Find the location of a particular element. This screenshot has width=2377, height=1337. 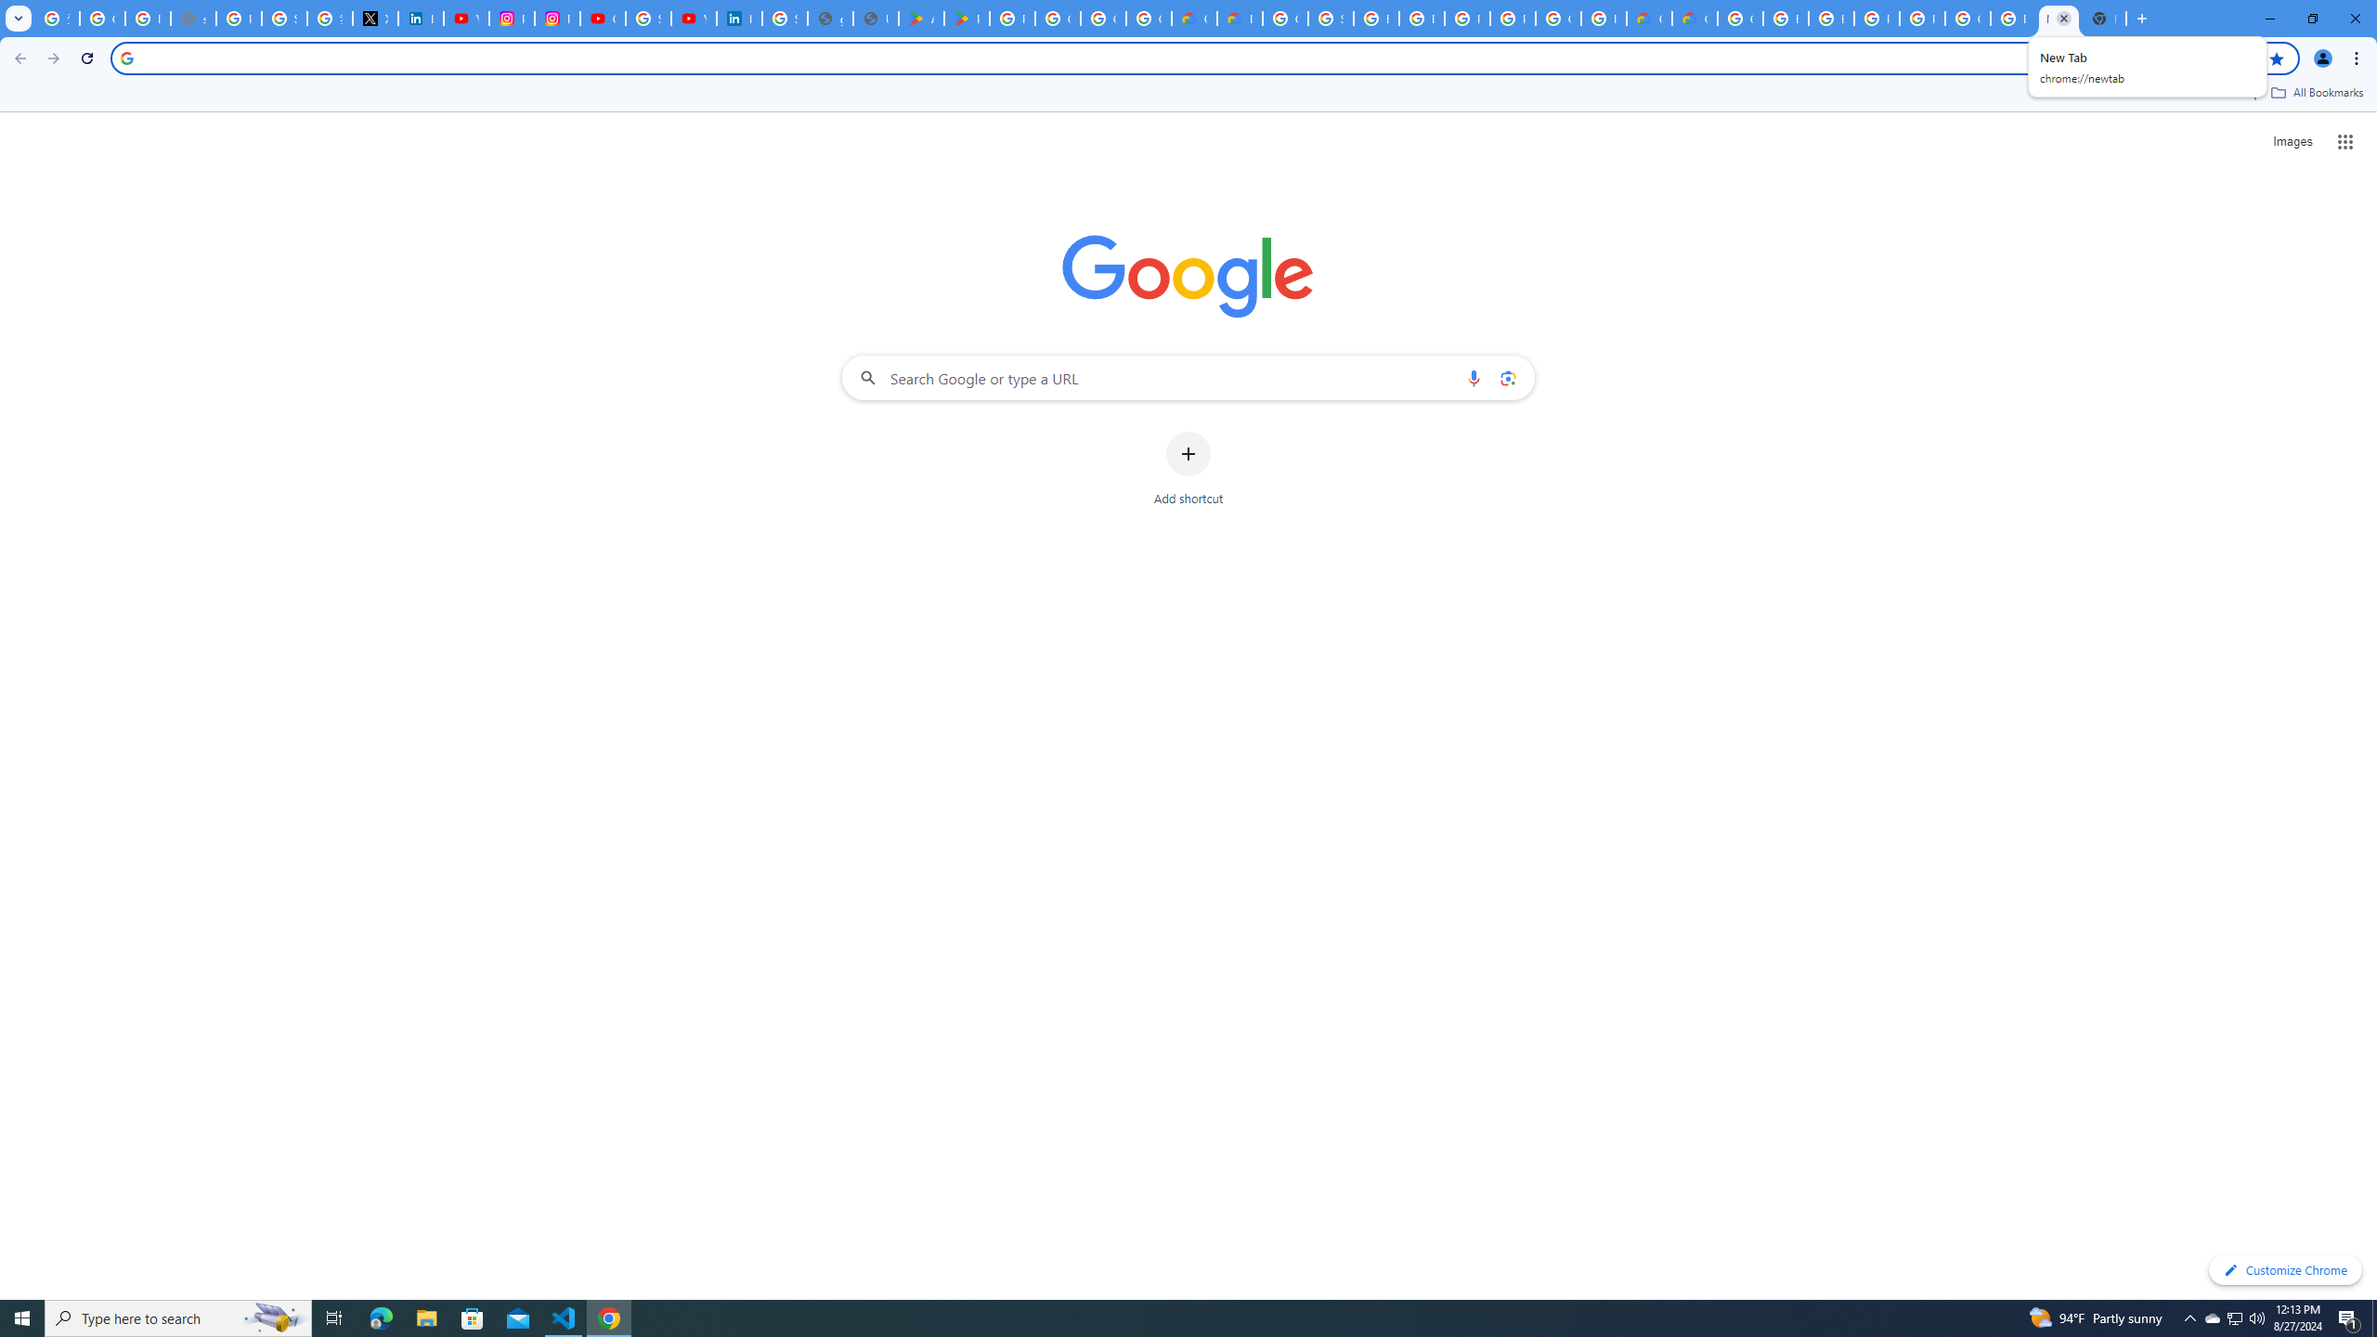

'New Tab' is located at coordinates (2103, 18).